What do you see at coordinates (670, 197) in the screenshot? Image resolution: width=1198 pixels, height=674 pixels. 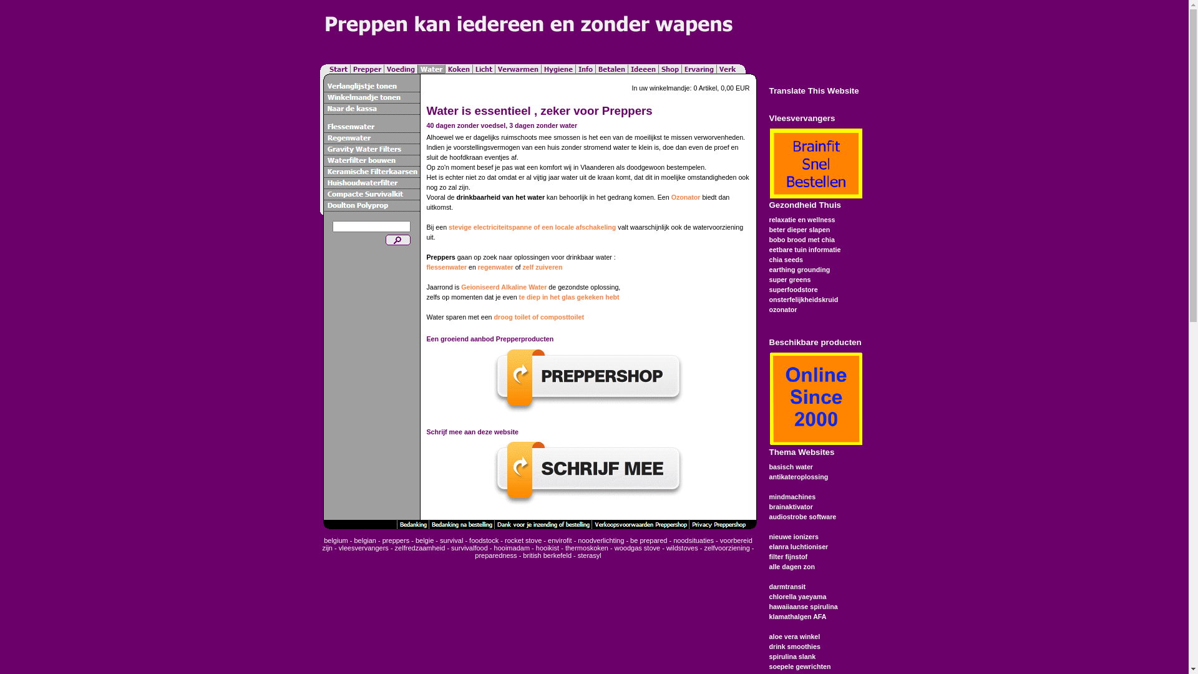 I see `'Ozonator'` at bounding box center [670, 197].